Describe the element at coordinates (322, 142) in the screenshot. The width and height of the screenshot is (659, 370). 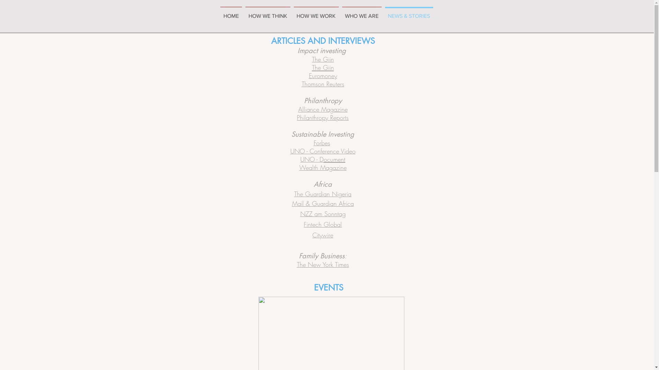
I see `'Forbes '` at that location.